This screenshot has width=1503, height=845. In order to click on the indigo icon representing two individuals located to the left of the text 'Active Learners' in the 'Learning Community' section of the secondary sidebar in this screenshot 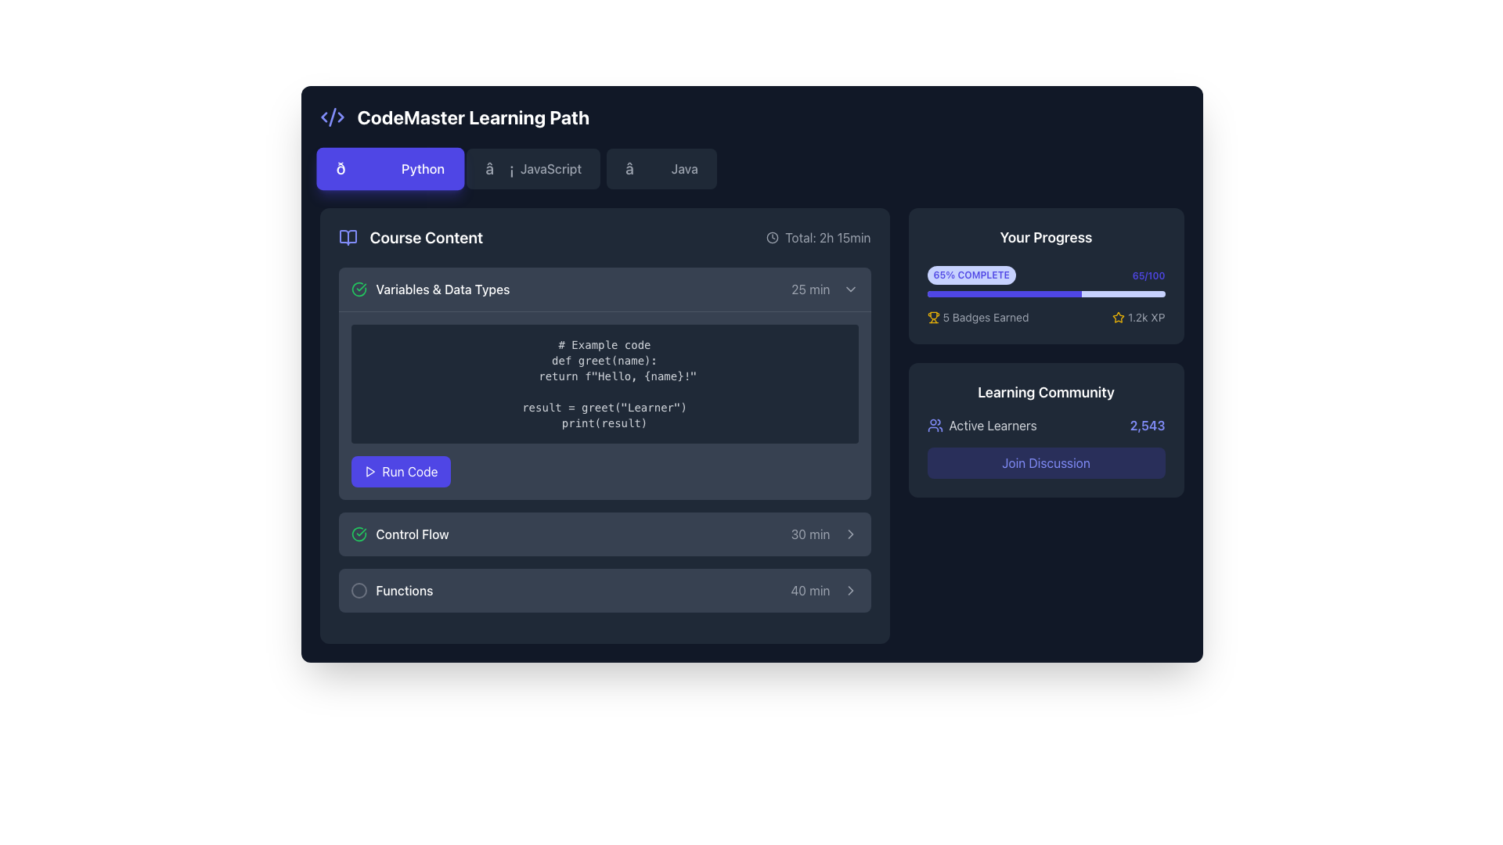, I will do `click(935, 425)`.